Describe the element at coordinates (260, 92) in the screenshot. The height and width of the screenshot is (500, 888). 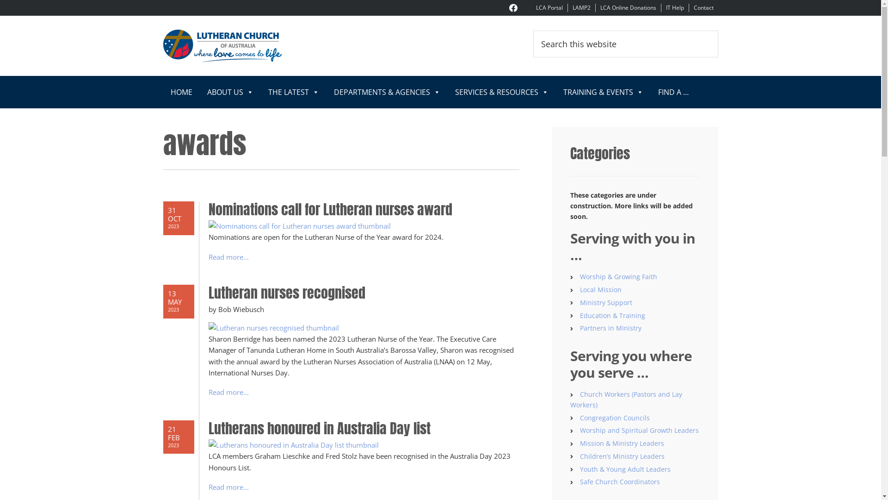
I see `'THE LATEST'` at that location.